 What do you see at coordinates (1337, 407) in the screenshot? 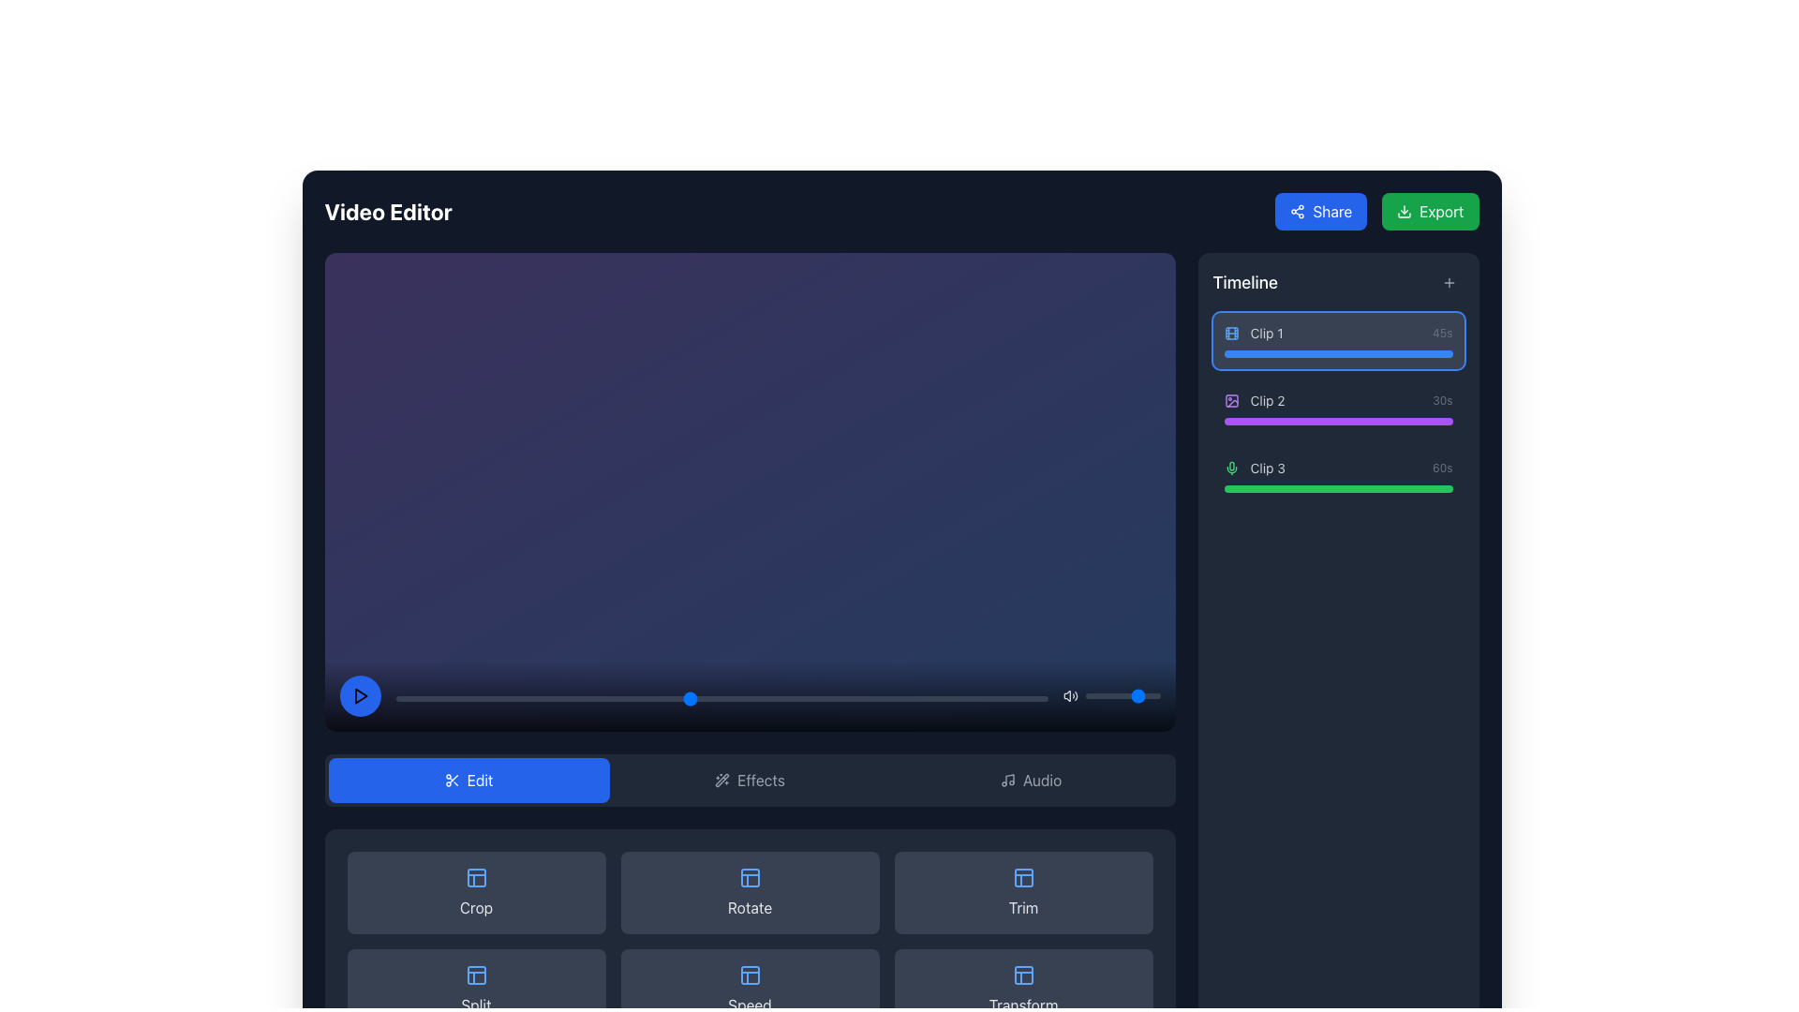
I see `to select the timeline clip item labeled 'Clip 2' located in the 'Timeline' section of the right panel` at bounding box center [1337, 407].